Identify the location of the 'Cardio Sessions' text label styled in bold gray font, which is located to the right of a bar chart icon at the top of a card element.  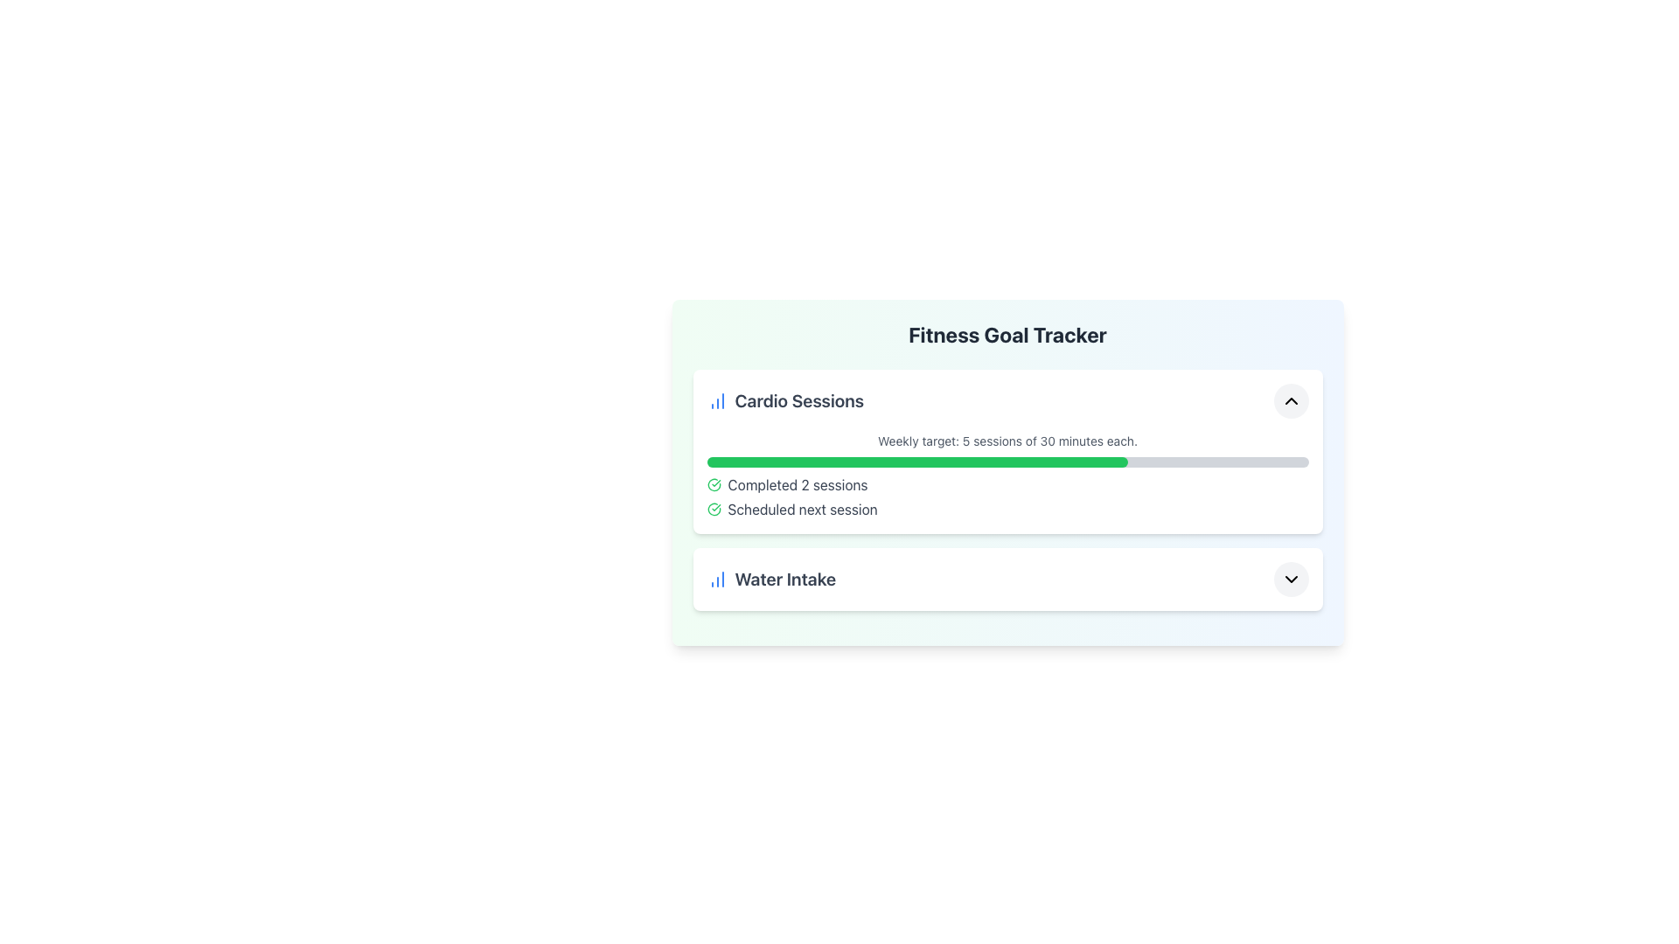
(784, 401).